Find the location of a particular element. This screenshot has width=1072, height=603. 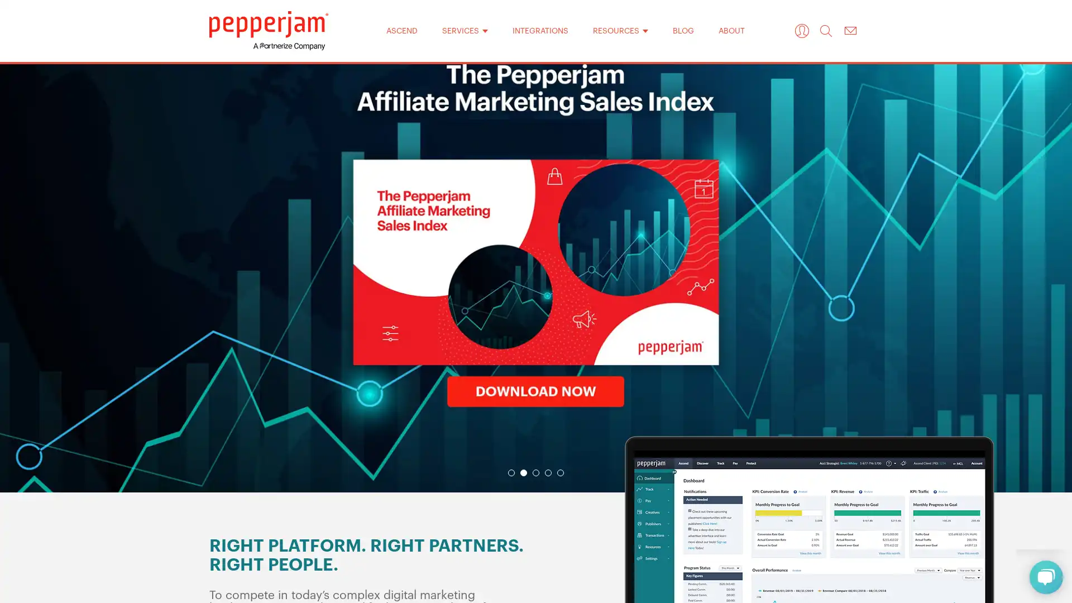

Close is located at coordinates (680, 122).